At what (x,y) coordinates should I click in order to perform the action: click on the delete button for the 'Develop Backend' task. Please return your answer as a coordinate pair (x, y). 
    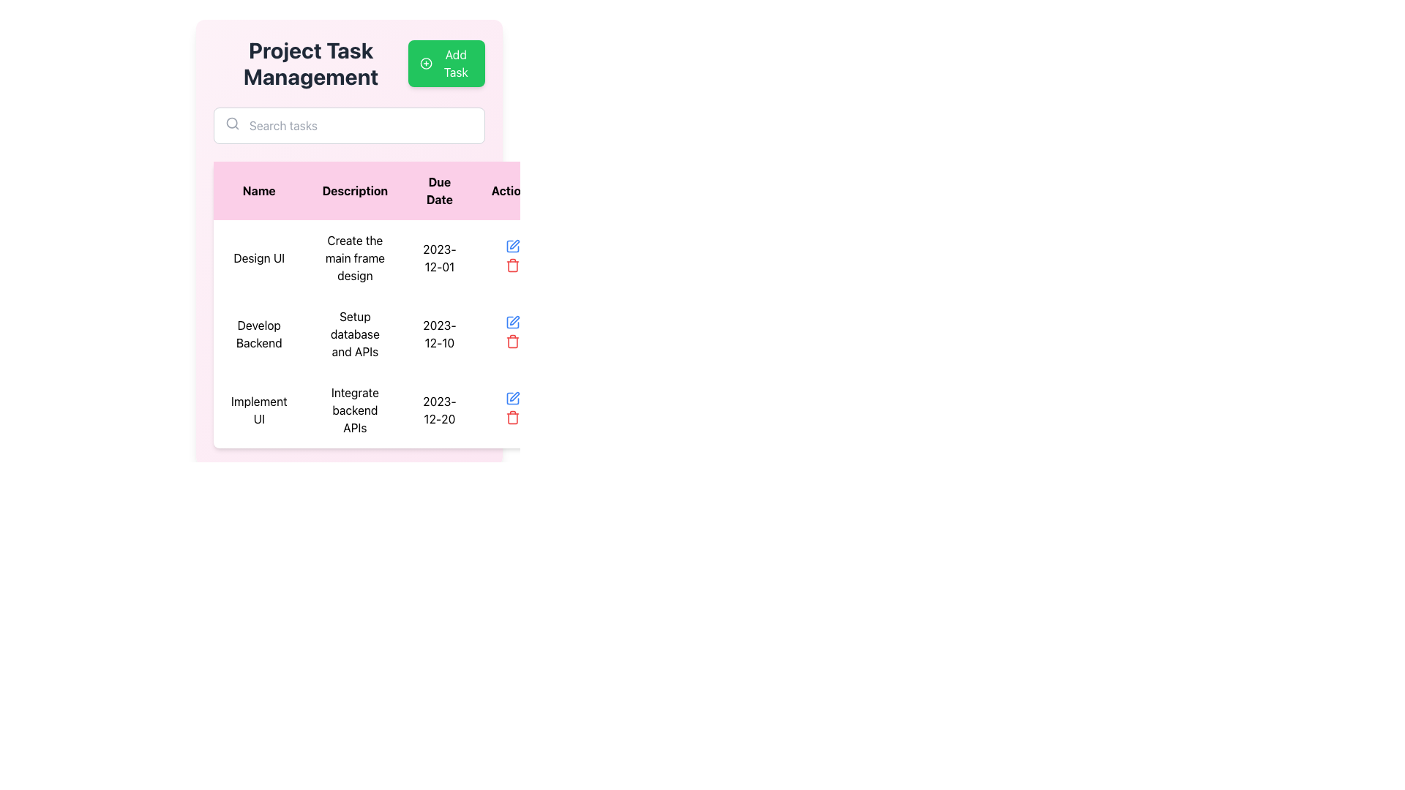
    Looking at the image, I should click on (512, 341).